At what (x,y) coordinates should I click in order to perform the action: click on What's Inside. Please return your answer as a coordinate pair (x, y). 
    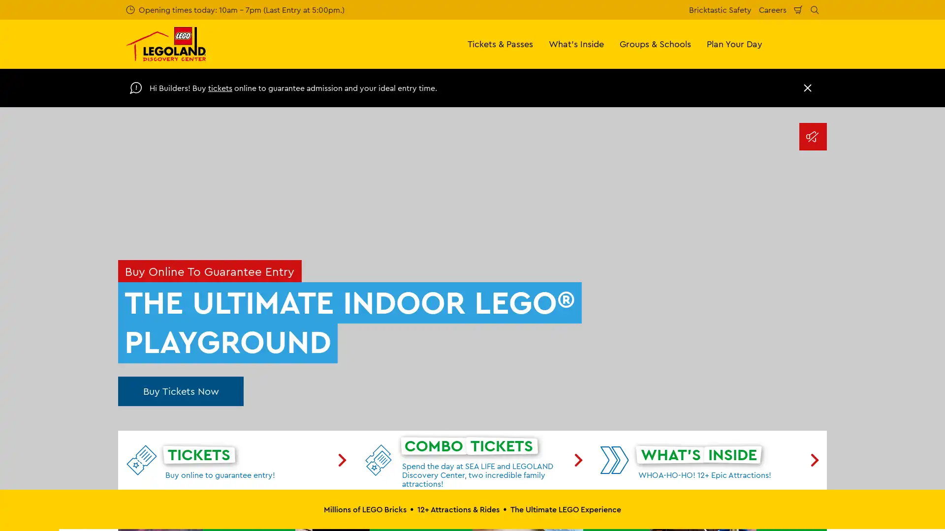
    Looking at the image, I should click on (576, 43).